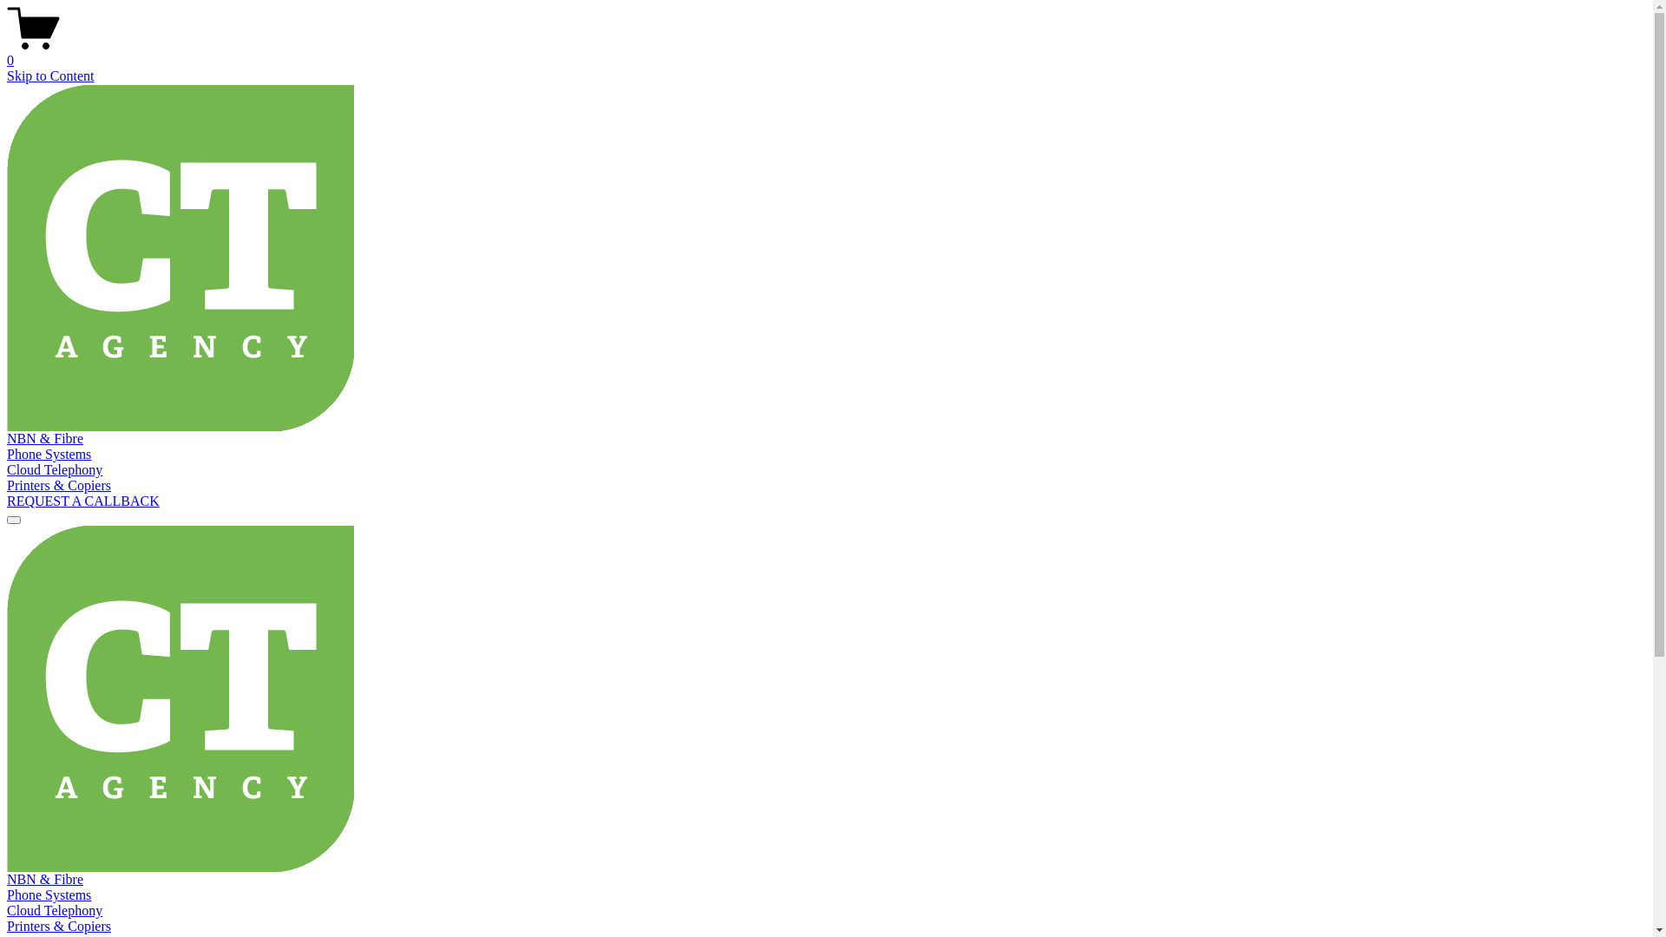 This screenshot has height=937, width=1666. Describe the element at coordinates (82, 501) in the screenshot. I see `'REQUEST A CALLBACK'` at that location.